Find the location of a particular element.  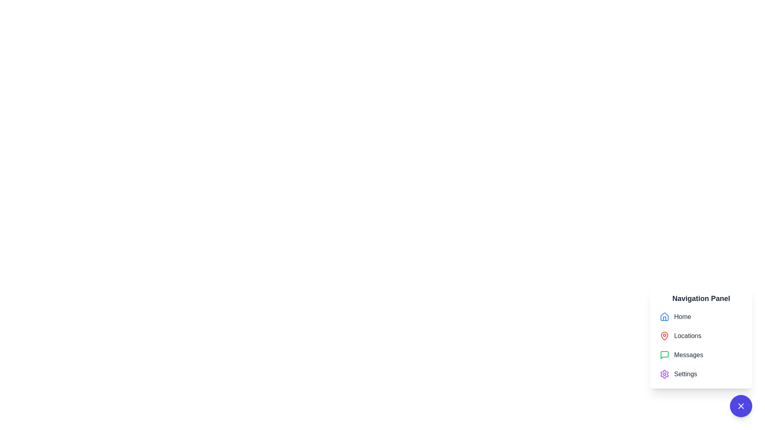

the 'Locations' navigational link, which is the second option in the vertical list of the navigation panel, located between 'Home' and 'Messages' is located at coordinates (701, 336).